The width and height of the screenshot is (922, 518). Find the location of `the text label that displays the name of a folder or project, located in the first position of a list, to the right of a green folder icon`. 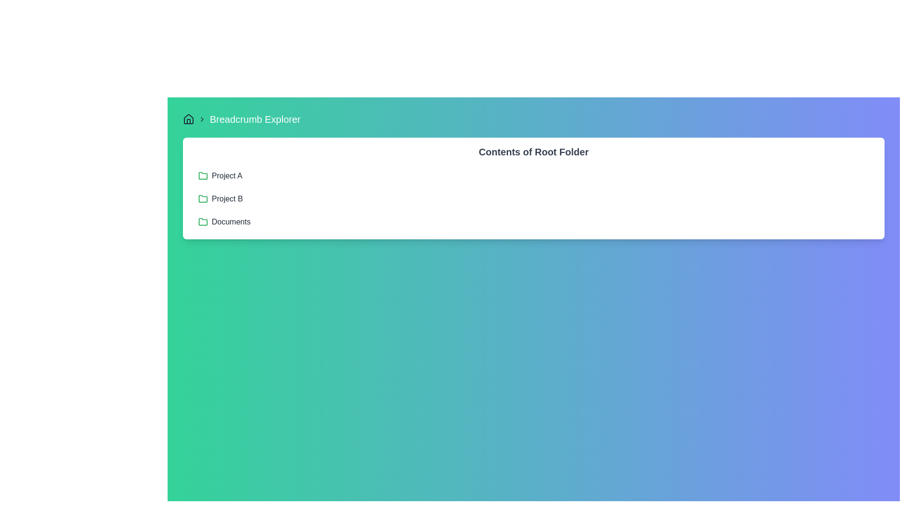

the text label that displays the name of a folder or project, located in the first position of a list, to the right of a green folder icon is located at coordinates (227, 176).